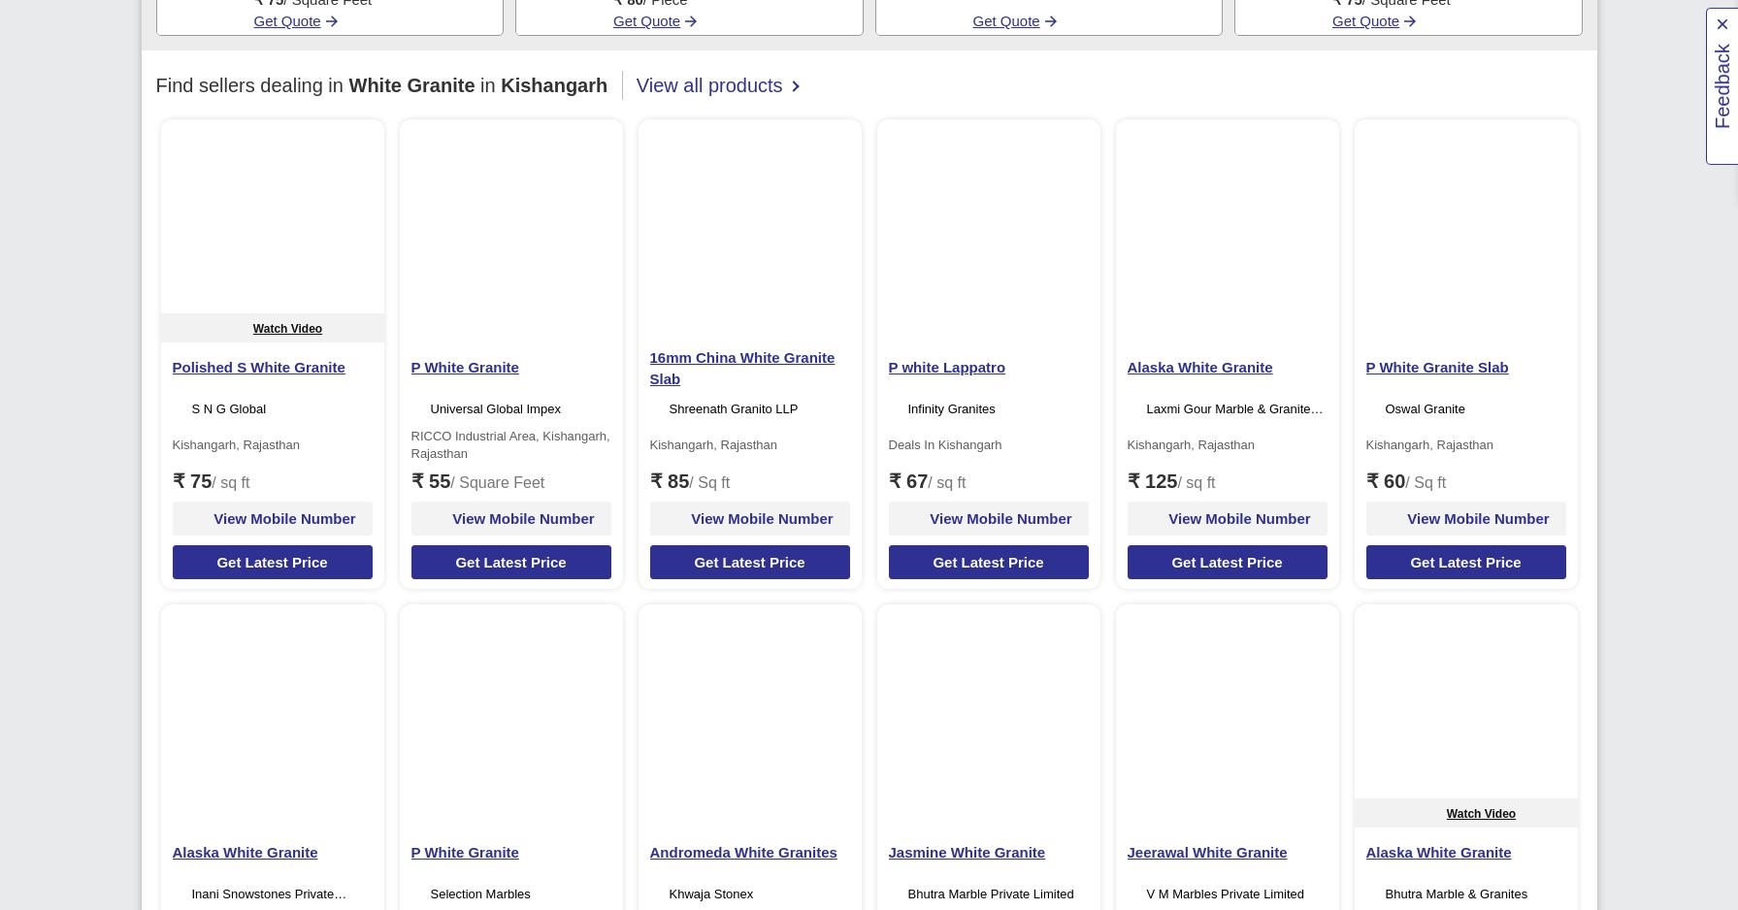 This screenshot has height=910, width=1738. I want to click on 'P White Granite Slab', so click(1435, 366).